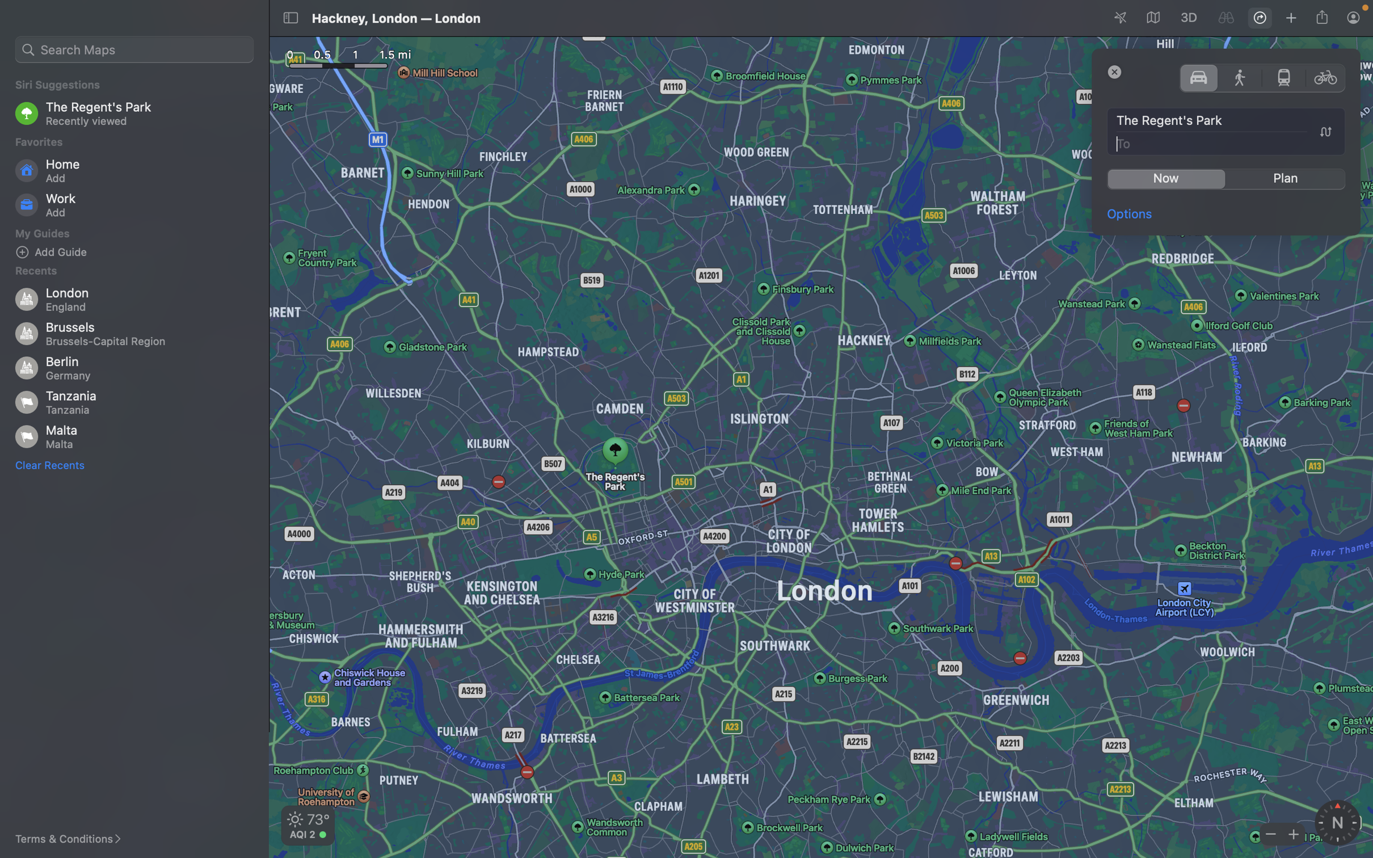 This screenshot has height=858, width=1373. What do you see at coordinates (1227, 142) in the screenshot?
I see `the "destination" bar and type in Paris, then press enter` at bounding box center [1227, 142].